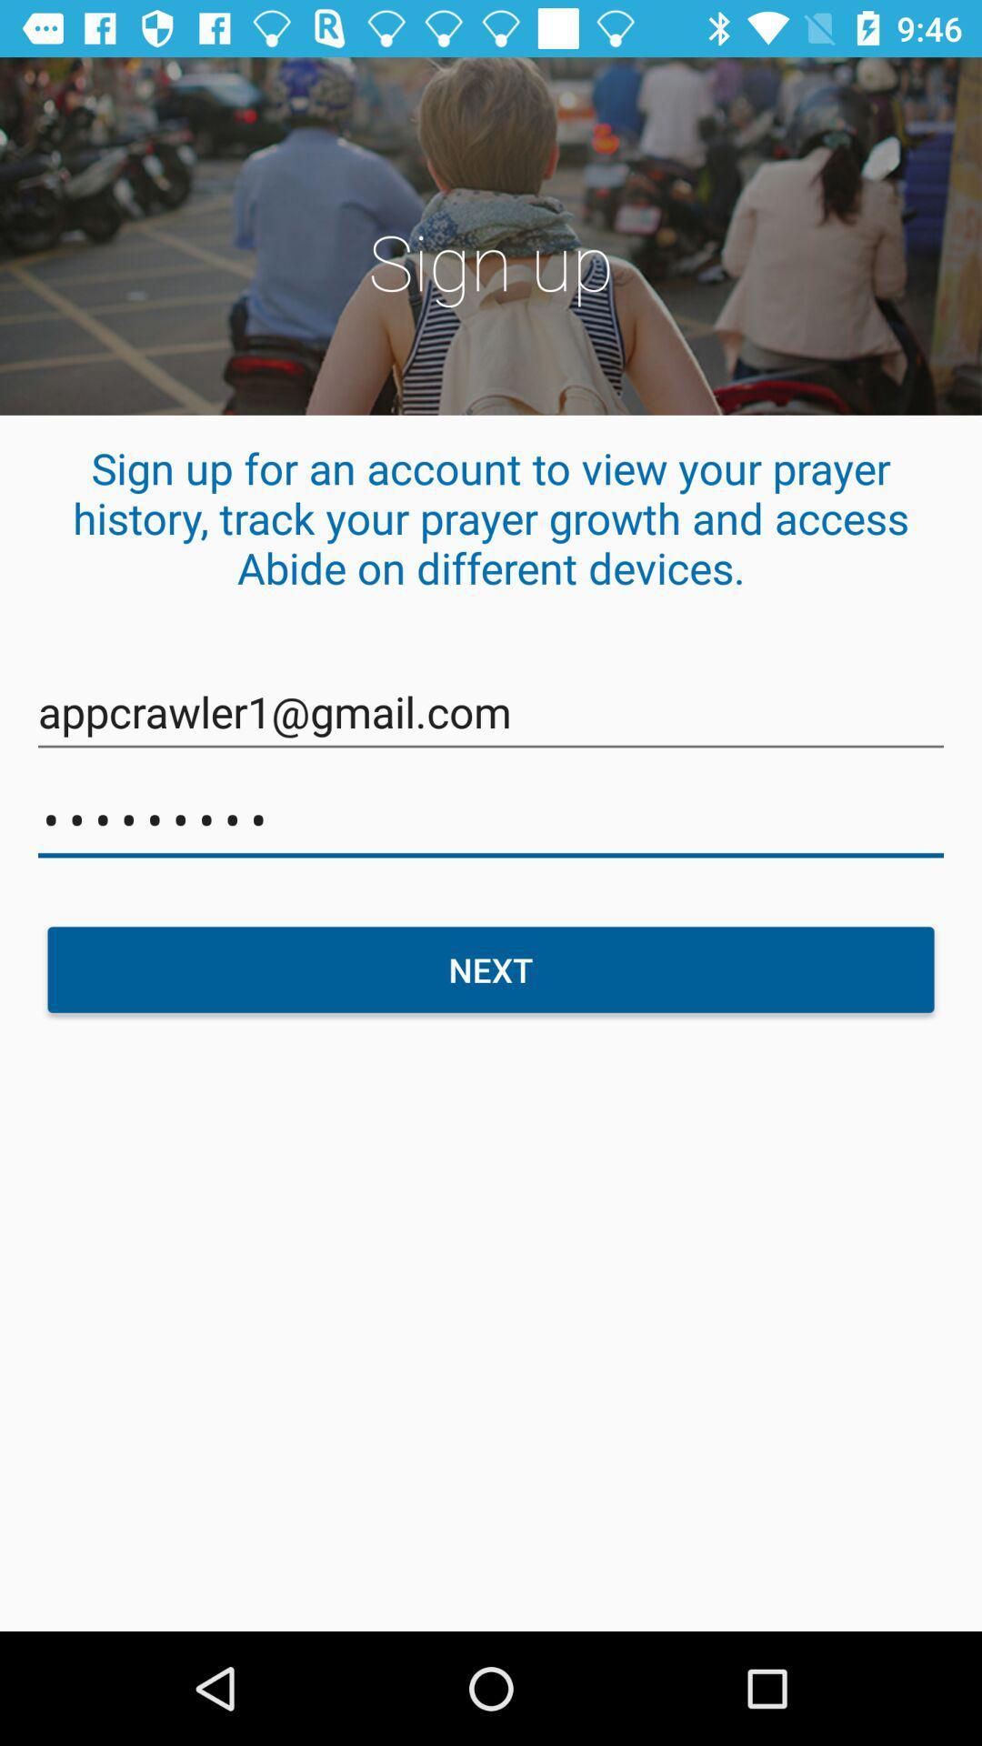  I want to click on crowd3116 item, so click(491, 819).